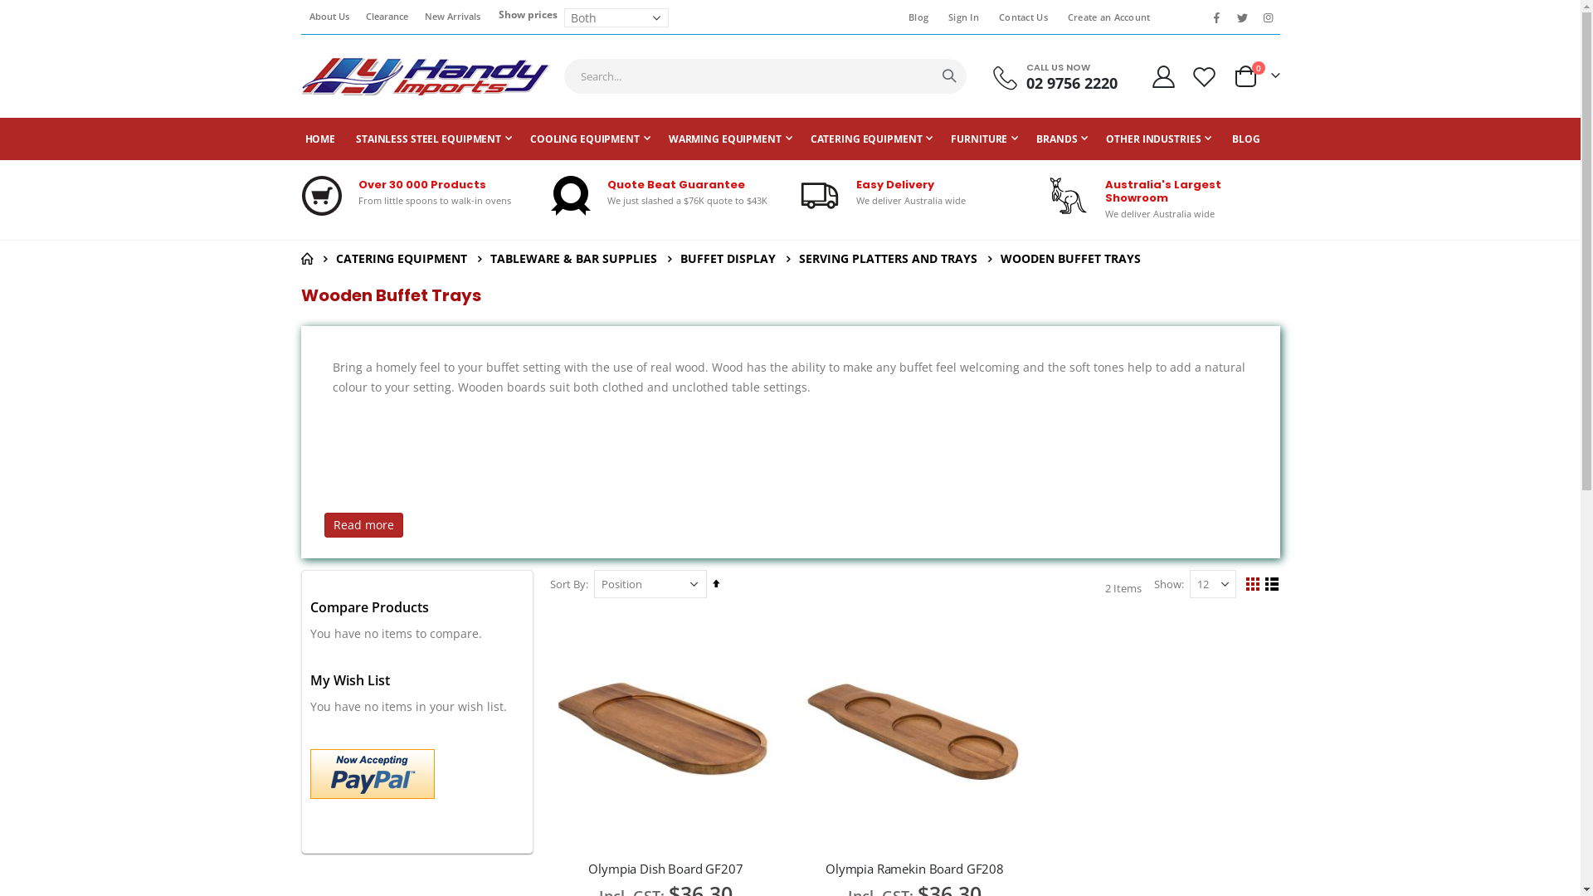 This screenshot has height=896, width=1593. What do you see at coordinates (1025, 83) in the screenshot?
I see `'02 9756 2220'` at bounding box center [1025, 83].